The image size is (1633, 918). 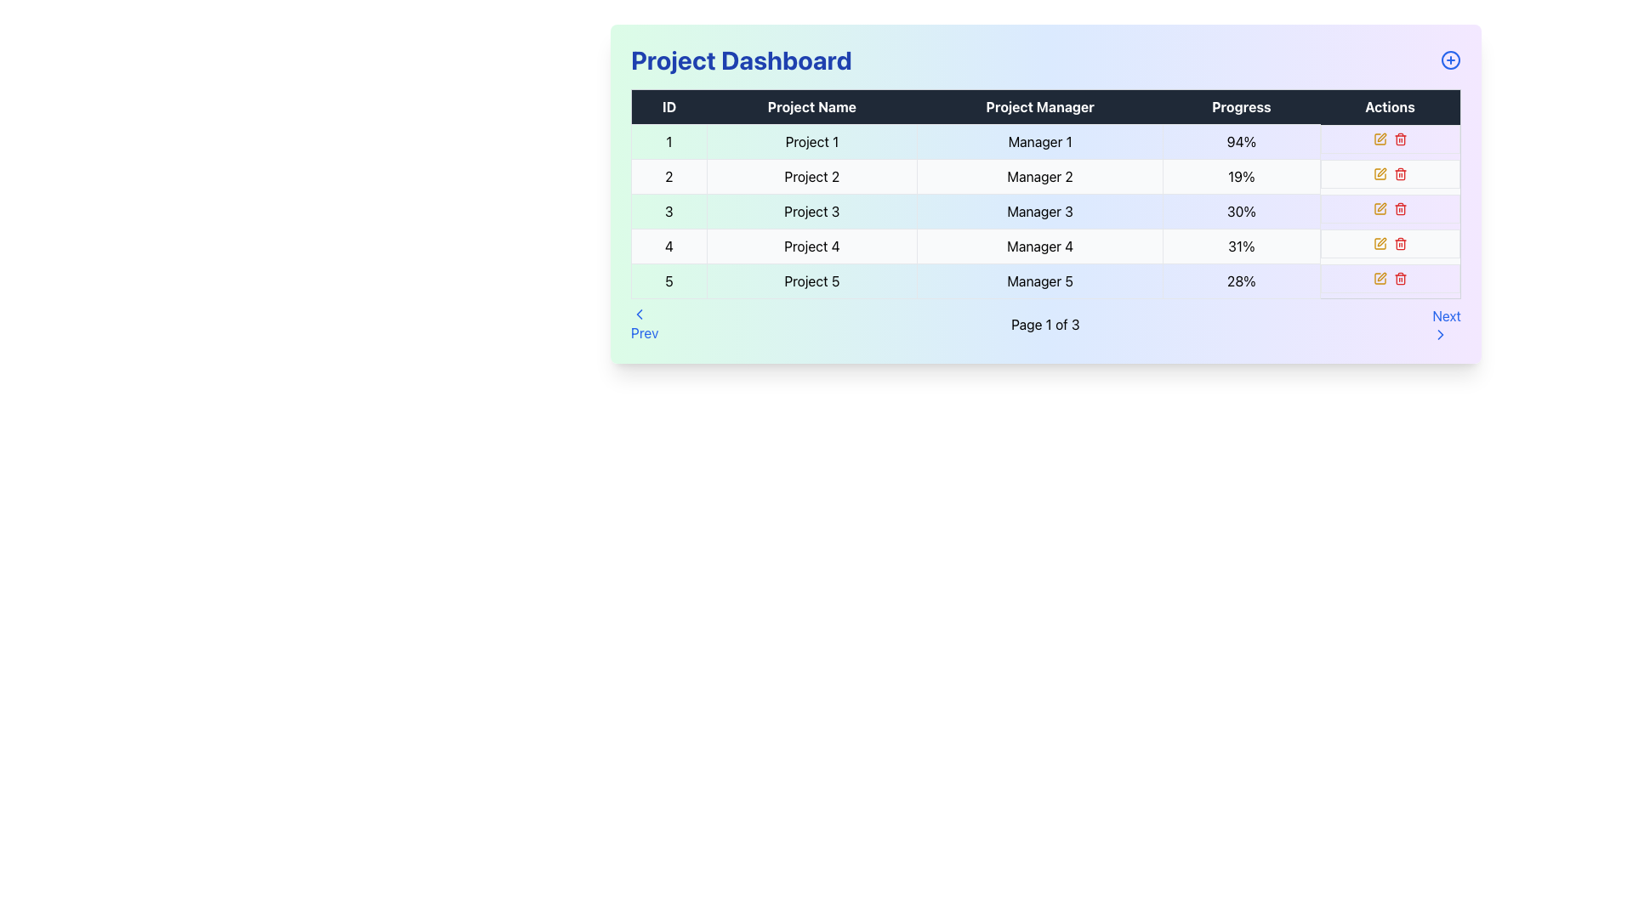 What do you see at coordinates (668, 246) in the screenshot?
I see `the table cell that contains the bold number '4', which is the first cell in the row labeled '4' under the 'ID' column, related to 'Project 4'` at bounding box center [668, 246].